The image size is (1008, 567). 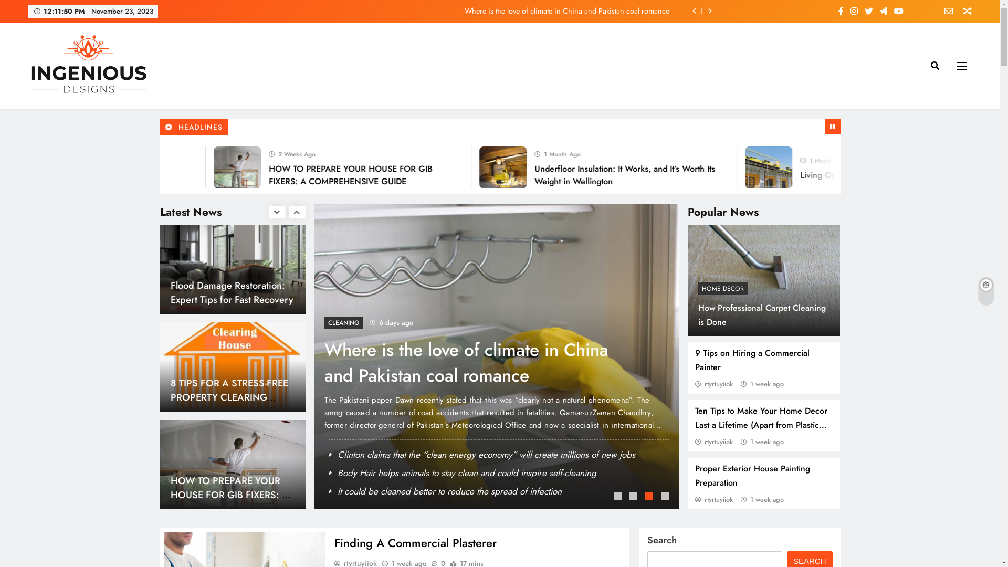 What do you see at coordinates (340, 322) in the screenshot?
I see `'6 days ago'` at bounding box center [340, 322].